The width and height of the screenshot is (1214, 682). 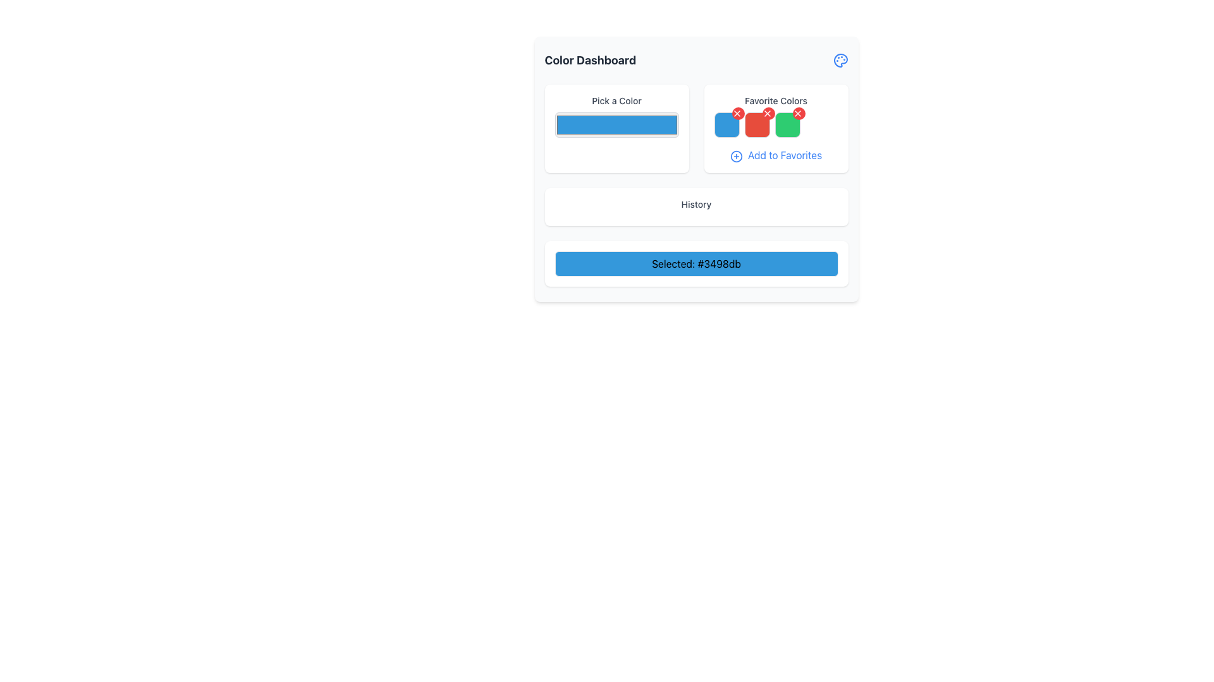 What do you see at coordinates (696, 263) in the screenshot?
I see `the Informational display box that shows the selected color code '#3498db' located below the 'History' box in the 'Color Dashboard' interface` at bounding box center [696, 263].